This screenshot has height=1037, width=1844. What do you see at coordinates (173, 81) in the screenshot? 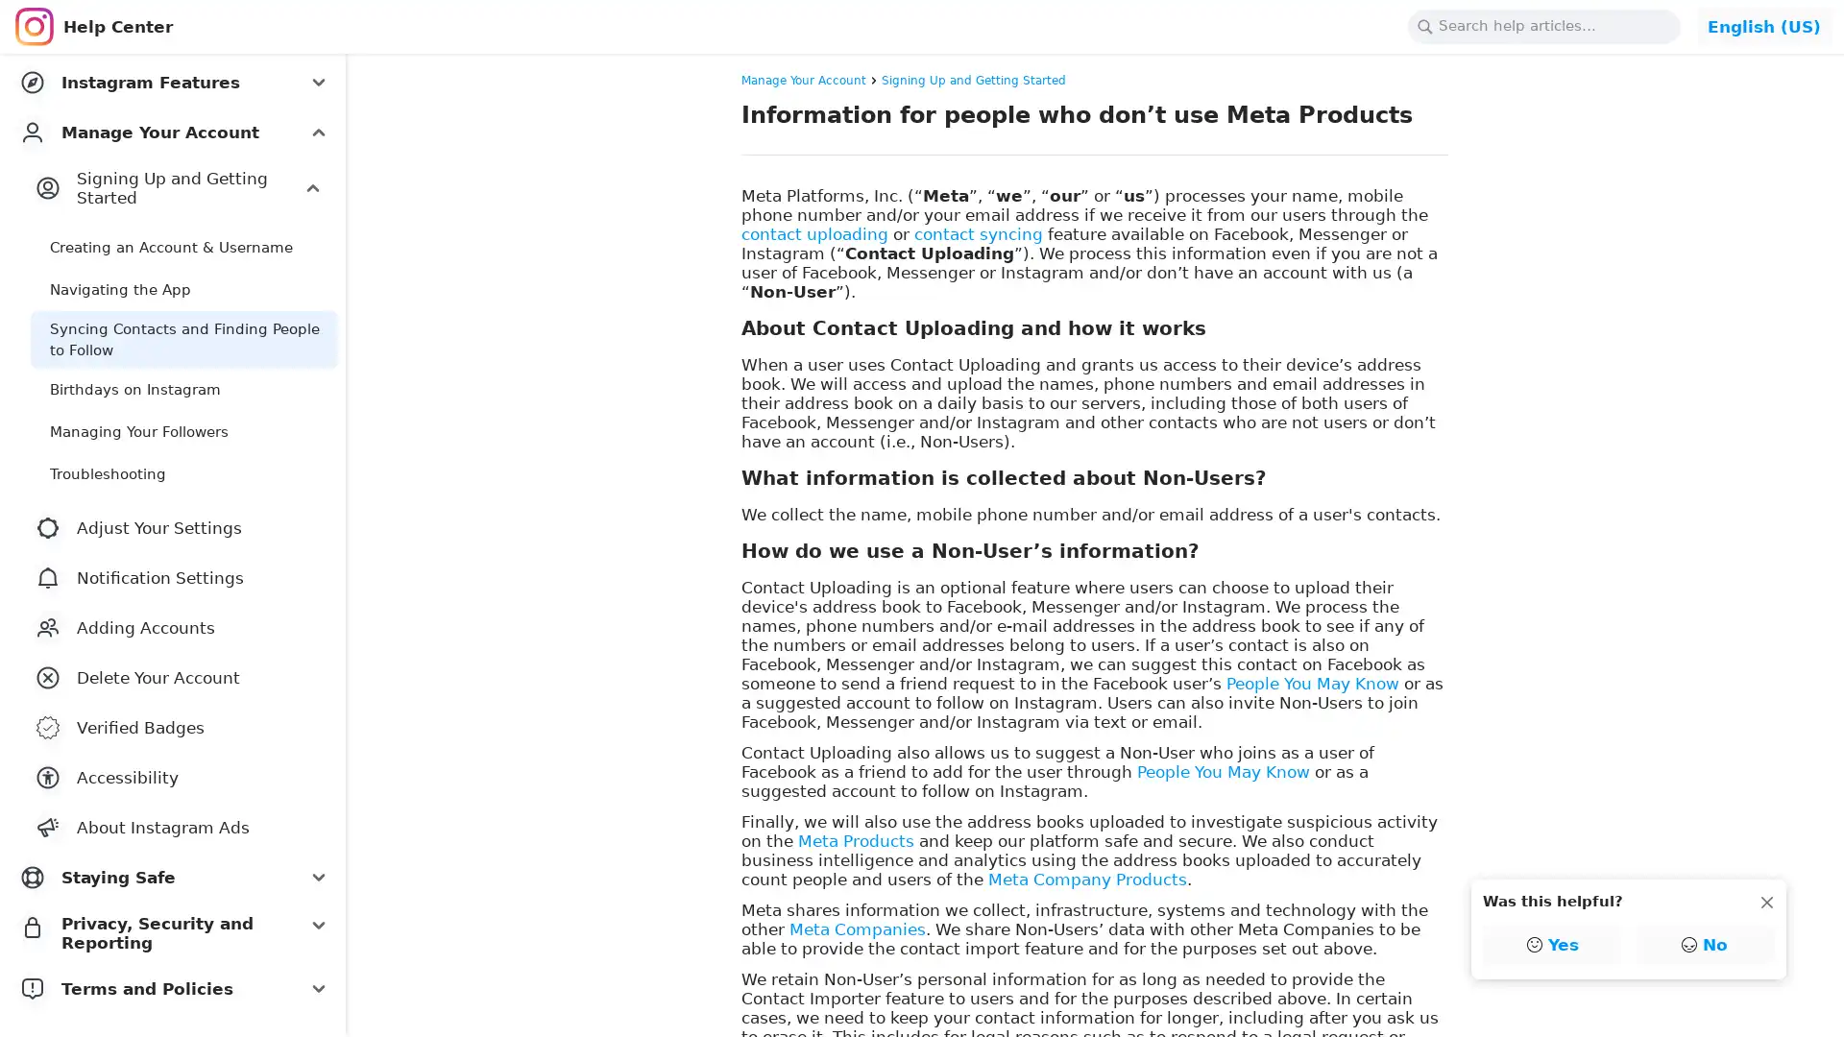
I see `Instagram Features` at bounding box center [173, 81].